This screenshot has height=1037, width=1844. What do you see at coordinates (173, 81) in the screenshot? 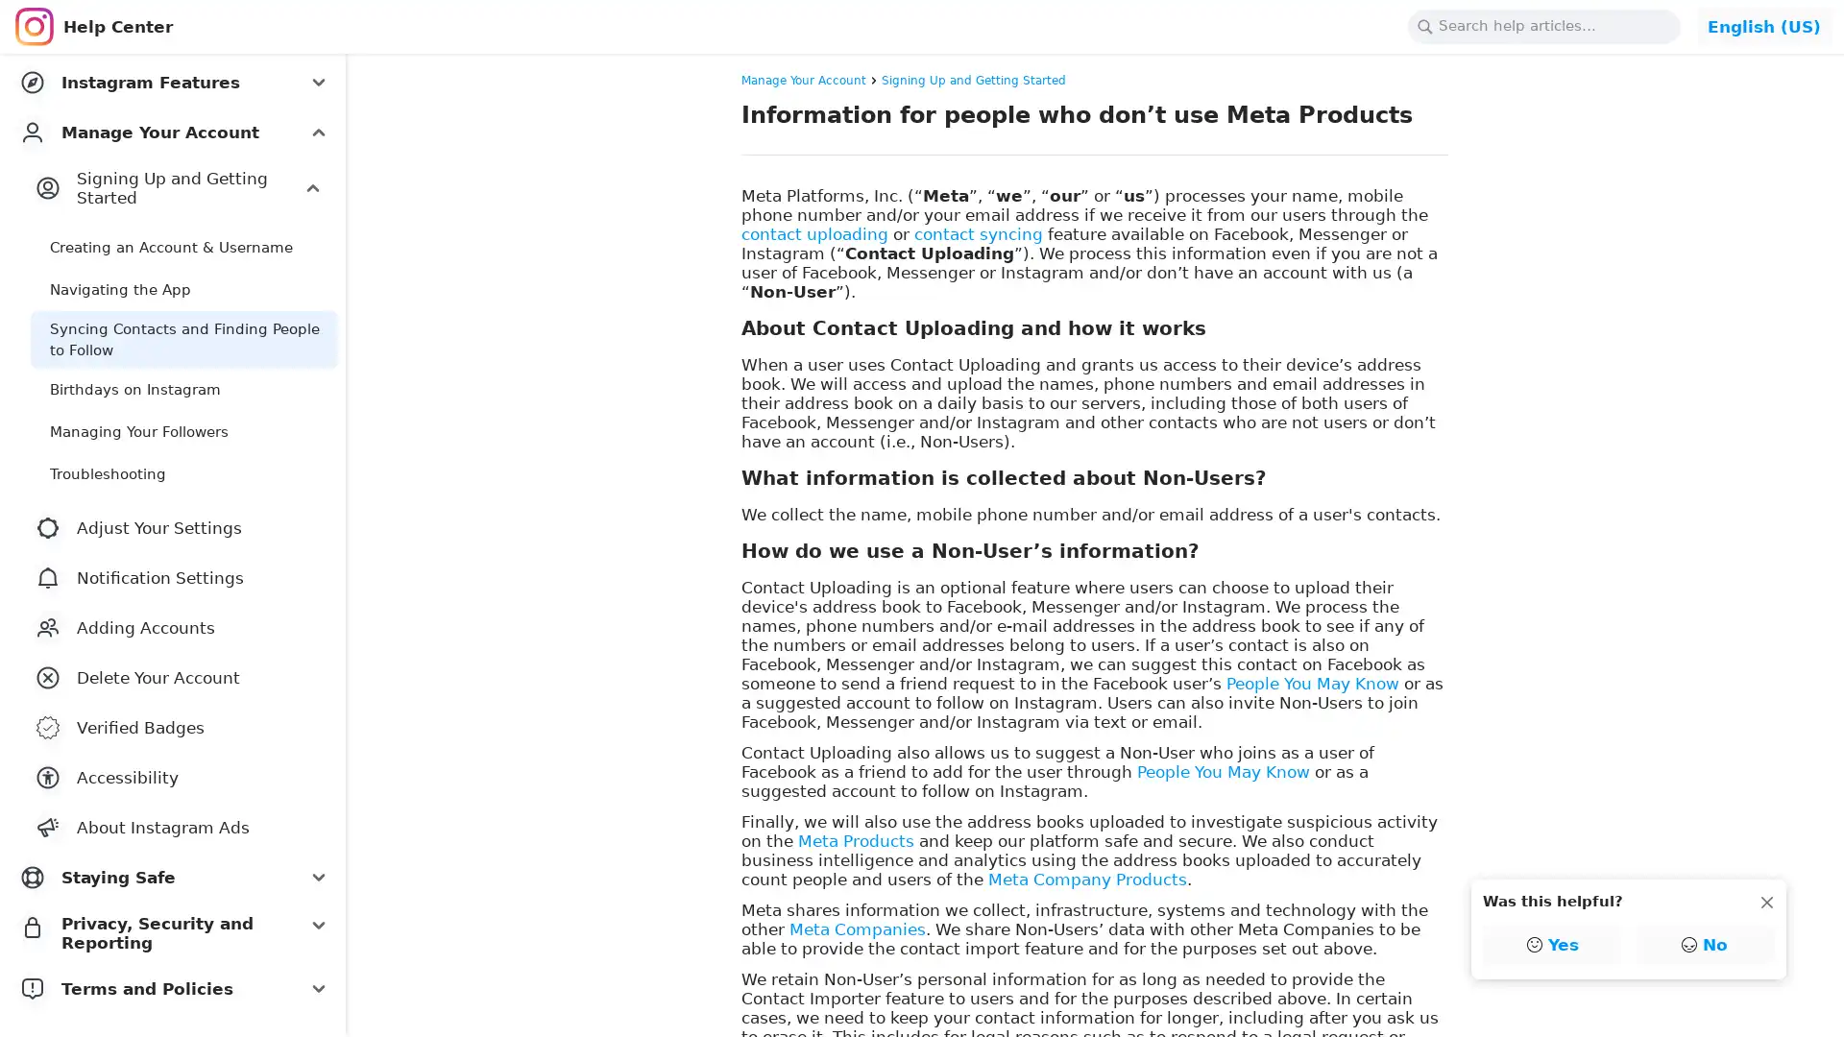
I see `Instagram Features` at bounding box center [173, 81].